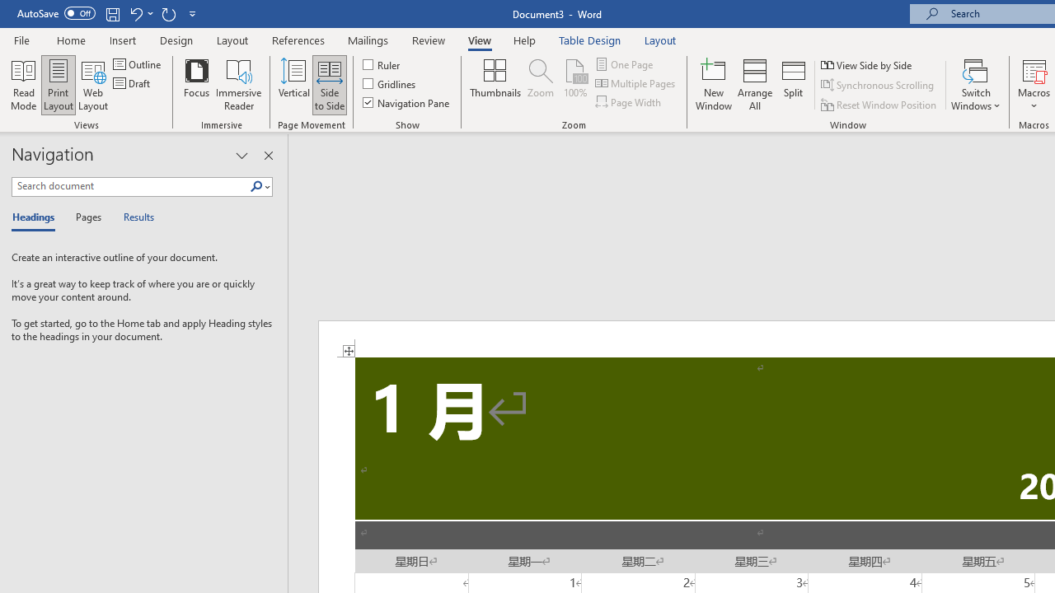 This screenshot has height=593, width=1055. What do you see at coordinates (541, 85) in the screenshot?
I see `'Zoom...'` at bounding box center [541, 85].